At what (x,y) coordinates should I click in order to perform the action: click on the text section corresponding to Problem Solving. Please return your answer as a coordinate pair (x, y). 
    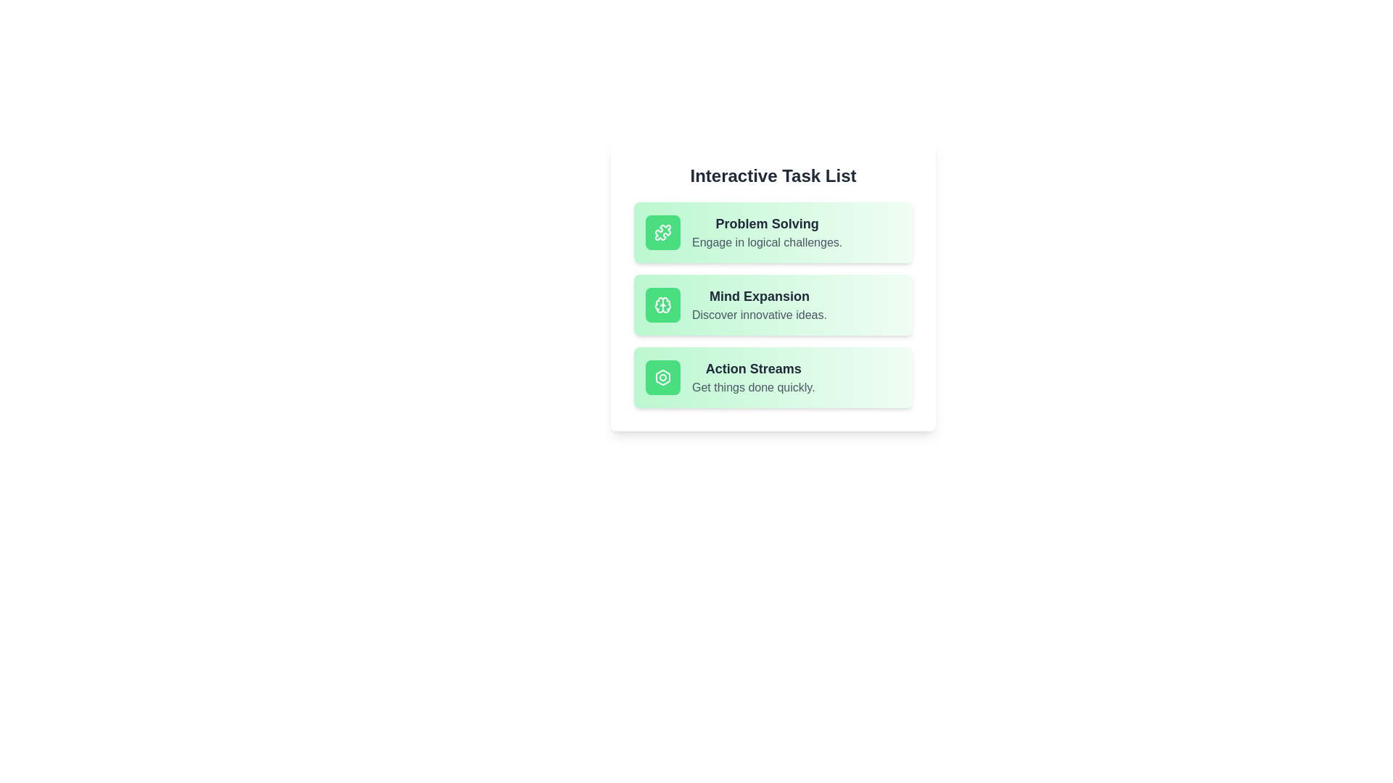
    Looking at the image, I should click on (772, 231).